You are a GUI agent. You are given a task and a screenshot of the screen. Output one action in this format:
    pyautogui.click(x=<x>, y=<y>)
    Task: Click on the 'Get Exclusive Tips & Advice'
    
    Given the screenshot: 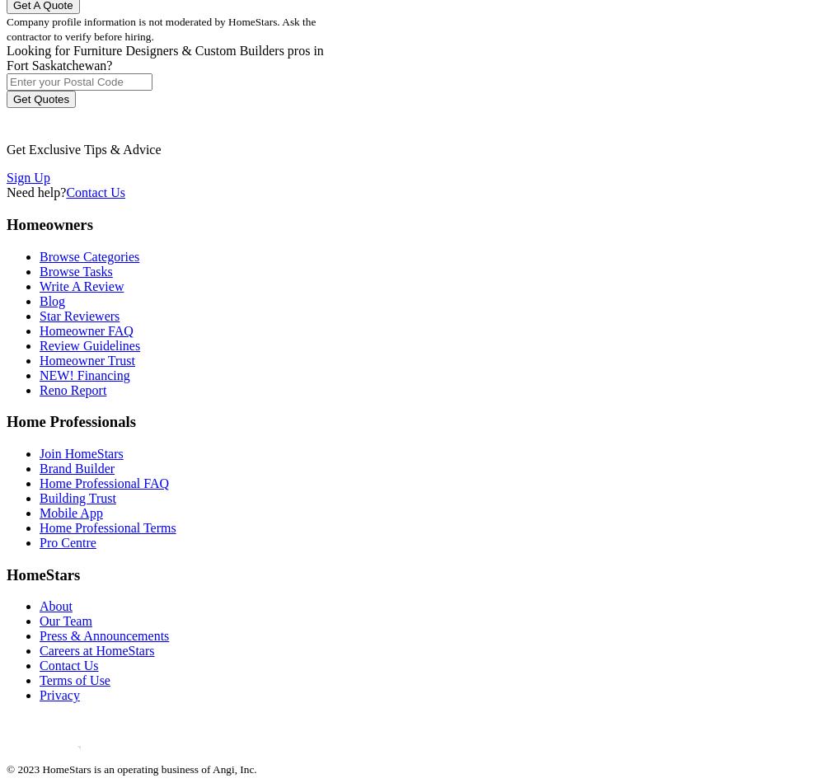 What is the action you would take?
    pyautogui.click(x=82, y=149)
    